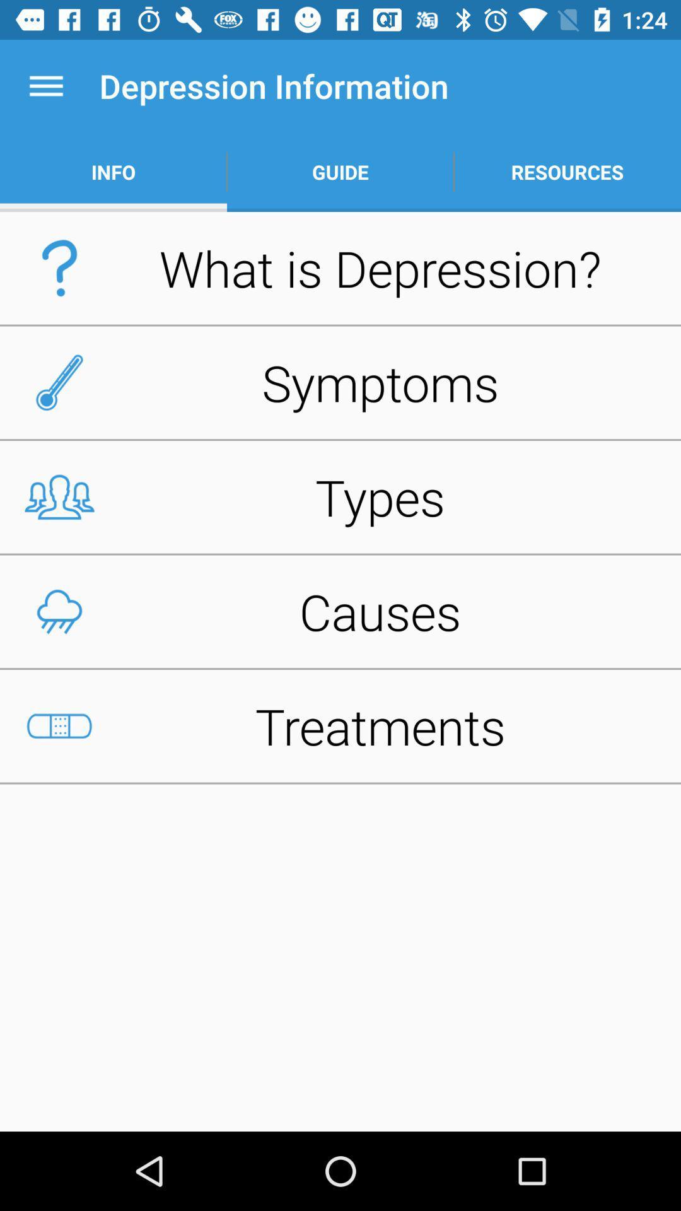 Image resolution: width=681 pixels, height=1211 pixels. Describe the element at coordinates (566, 172) in the screenshot. I see `resources app` at that location.